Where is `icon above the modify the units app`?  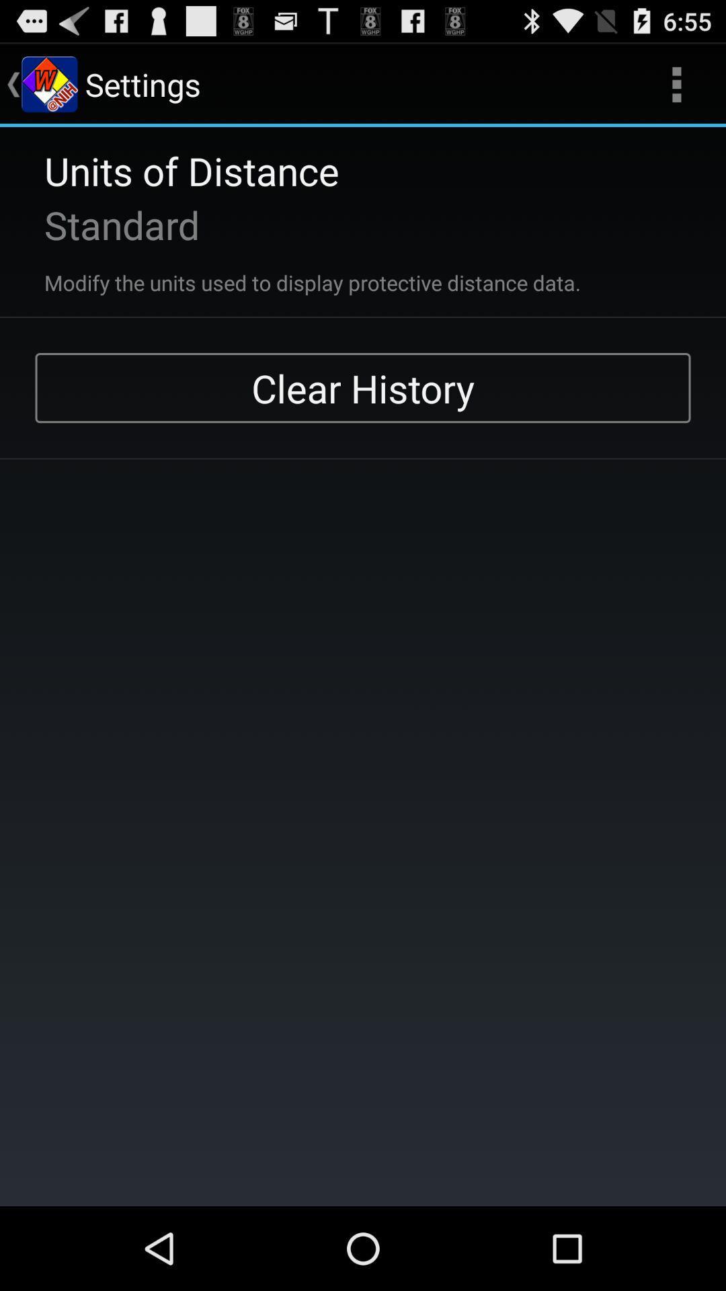
icon above the modify the units app is located at coordinates (104, 225).